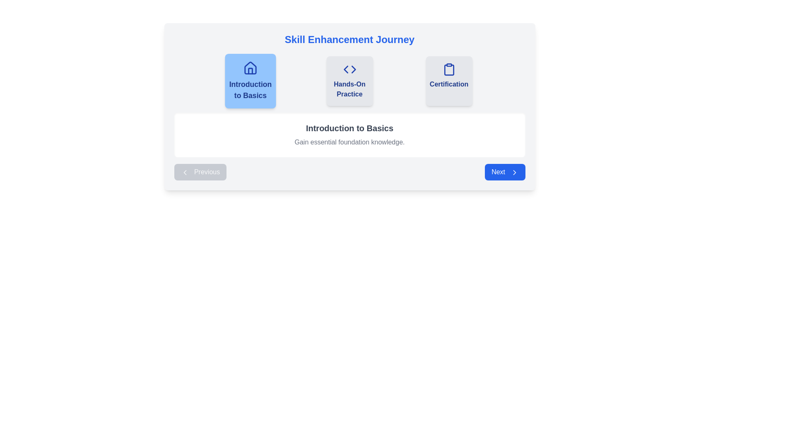 The width and height of the screenshot is (795, 447). Describe the element at coordinates (250, 90) in the screenshot. I see `the text label within the first card on the left under 'Skill Enhancement Journey', which summarizes the content of the section and is located below a house-shaped icon` at that location.